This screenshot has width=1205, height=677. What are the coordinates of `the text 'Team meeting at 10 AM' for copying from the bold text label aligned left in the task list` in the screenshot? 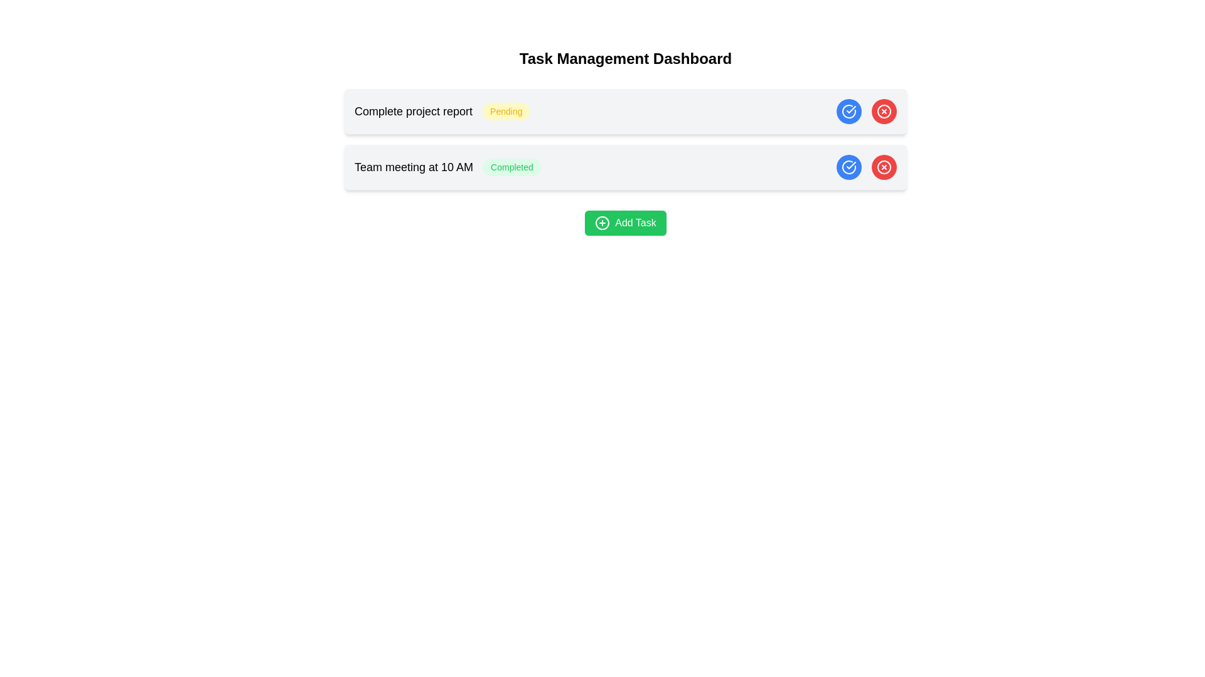 It's located at (414, 166).